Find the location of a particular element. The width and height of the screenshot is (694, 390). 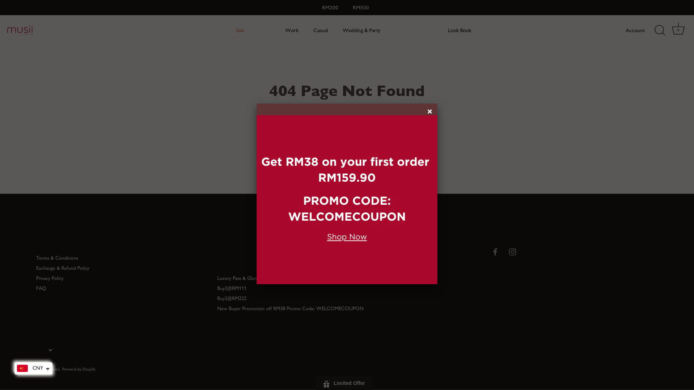

'Wedding & Party' is located at coordinates (361, 30).